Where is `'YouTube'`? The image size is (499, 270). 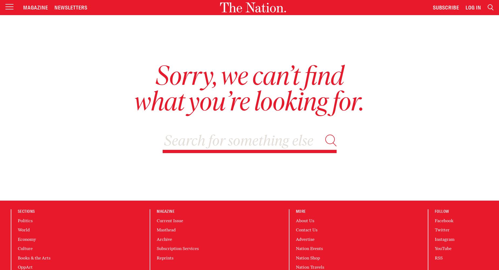
'YouTube' is located at coordinates (434, 248).